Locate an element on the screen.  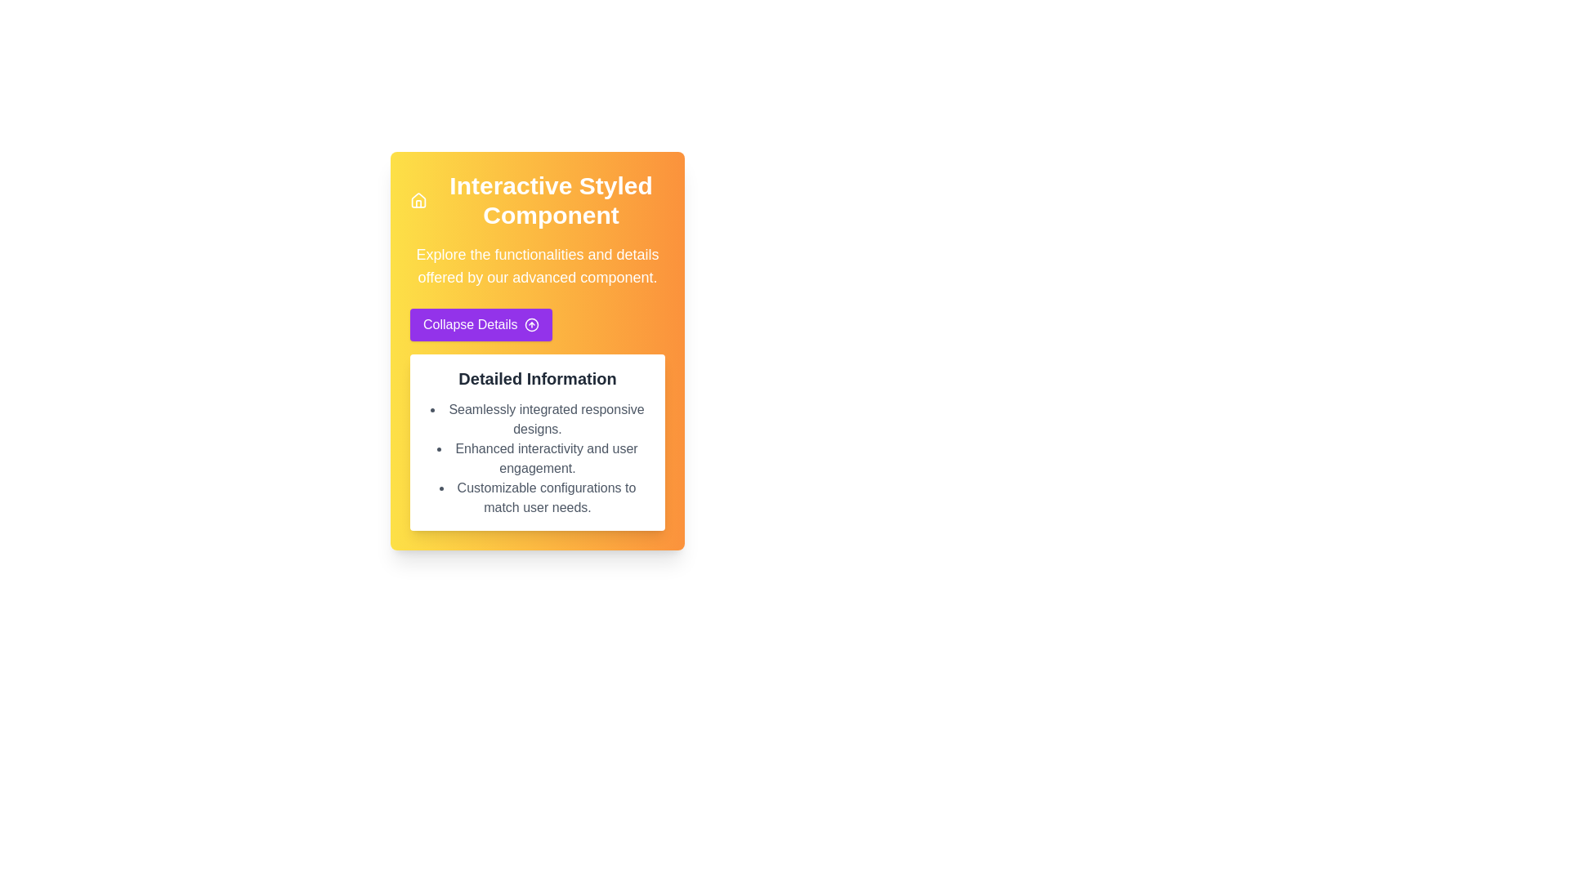
the Heading text that serves as the title and summary for the information detailed below it, positioned at the top of a white card-like section is located at coordinates (537, 378).